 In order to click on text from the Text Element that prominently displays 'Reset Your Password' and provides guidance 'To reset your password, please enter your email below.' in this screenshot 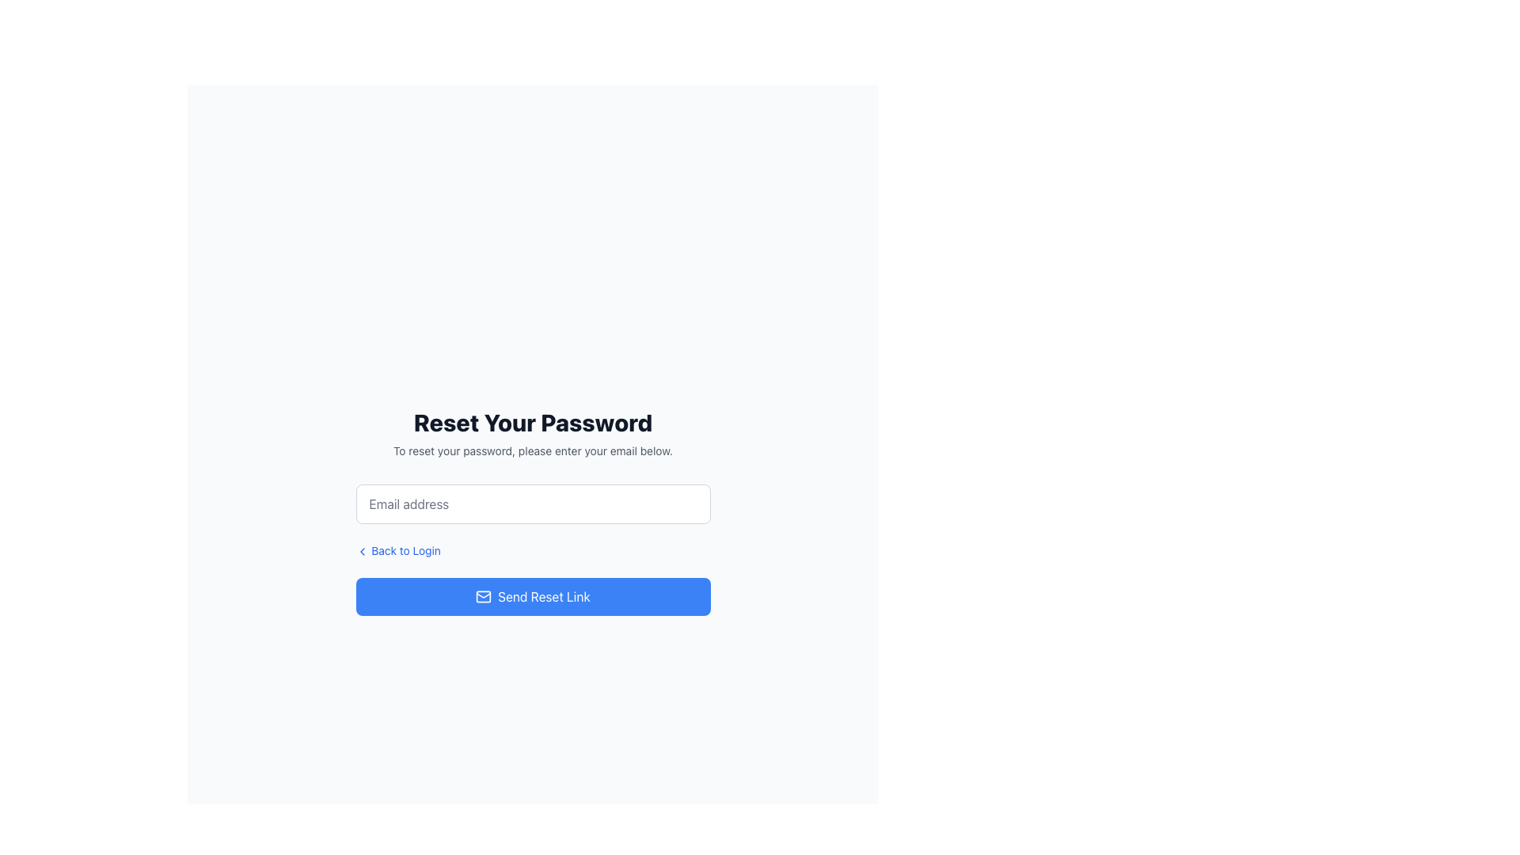, I will do `click(533, 433)`.